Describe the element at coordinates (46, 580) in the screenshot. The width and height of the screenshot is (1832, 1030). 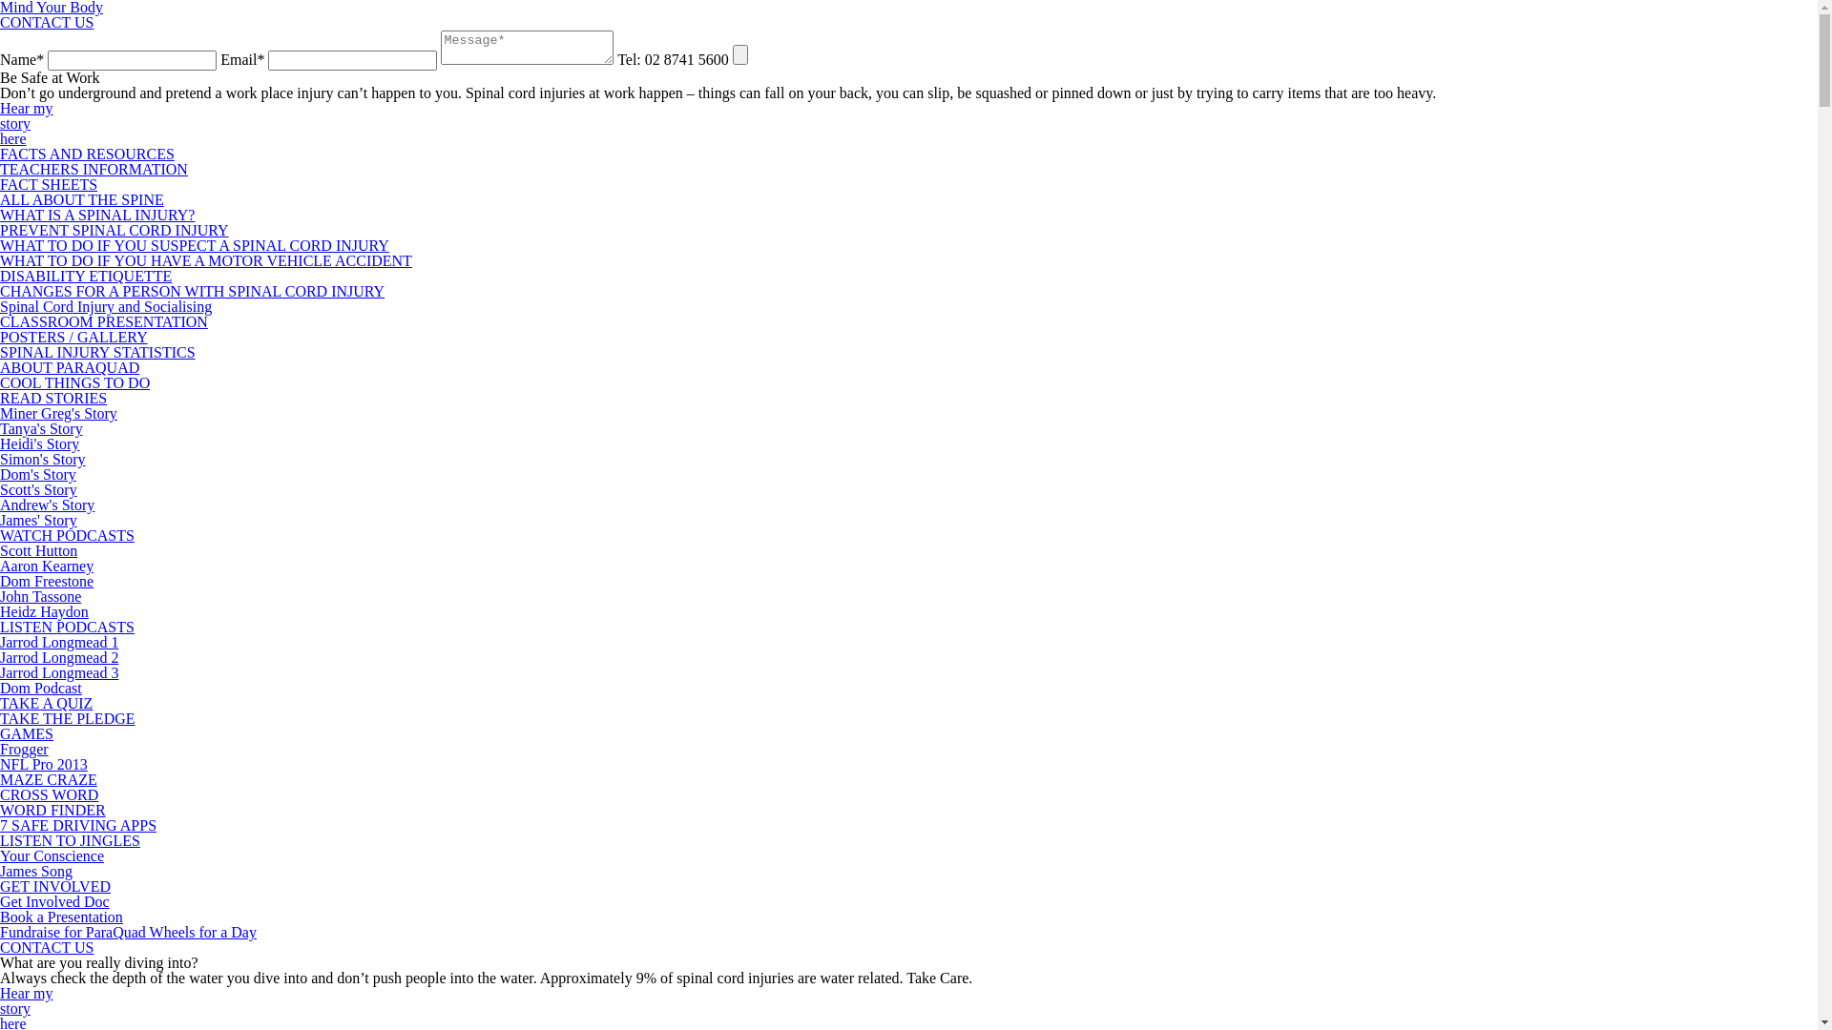
I see `'Dom Freestone'` at that location.